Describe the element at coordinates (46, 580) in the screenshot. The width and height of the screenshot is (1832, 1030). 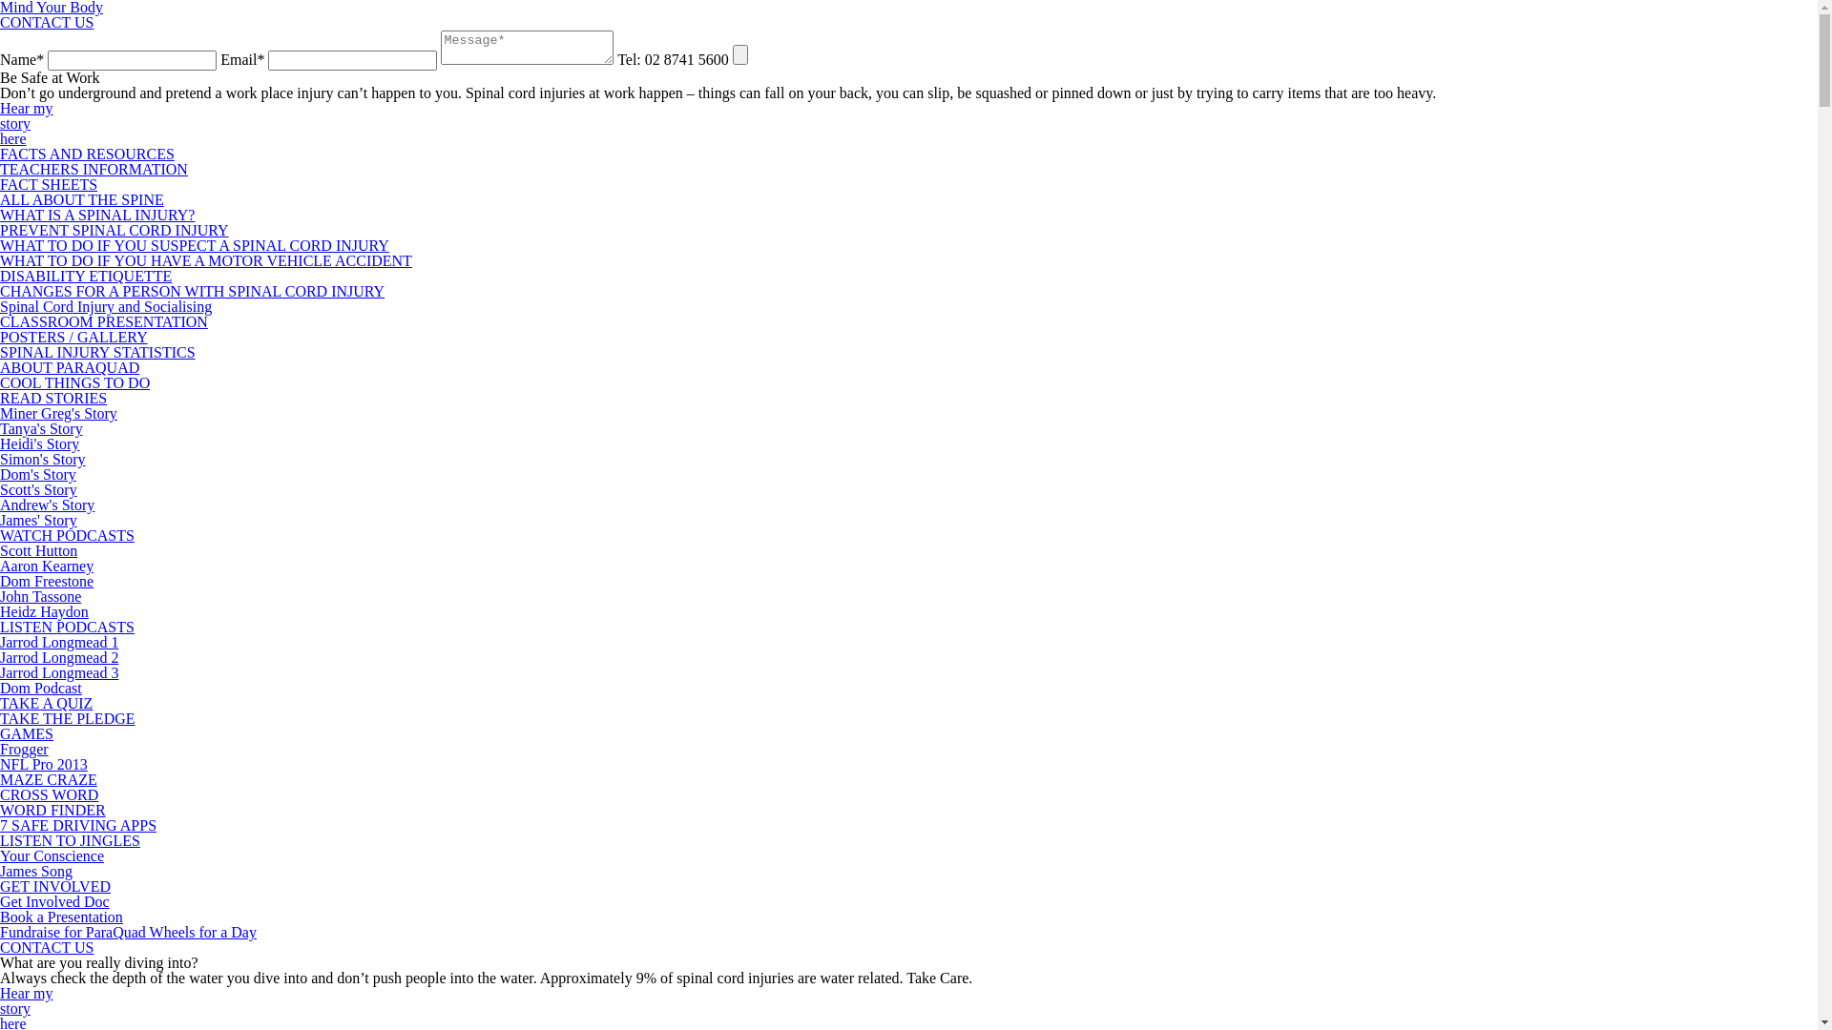
I see `'Dom Freestone'` at that location.